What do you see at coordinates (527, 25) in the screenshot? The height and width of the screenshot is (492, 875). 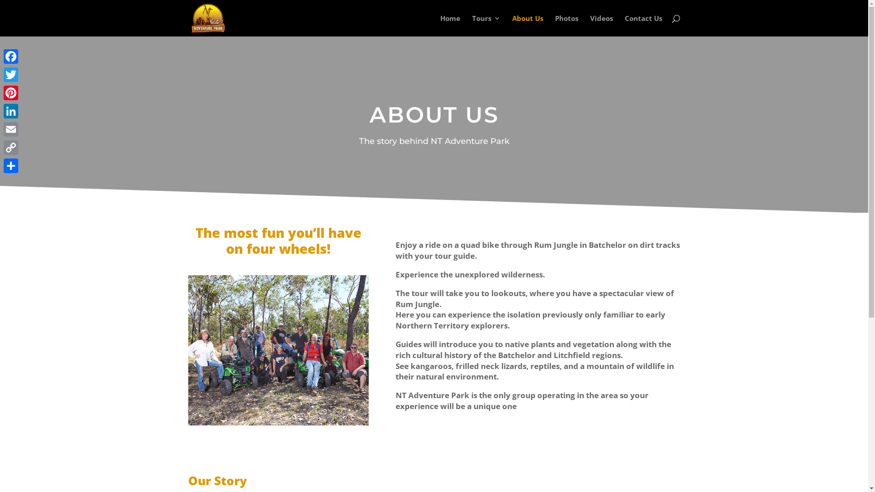 I see `'About Us'` at bounding box center [527, 25].